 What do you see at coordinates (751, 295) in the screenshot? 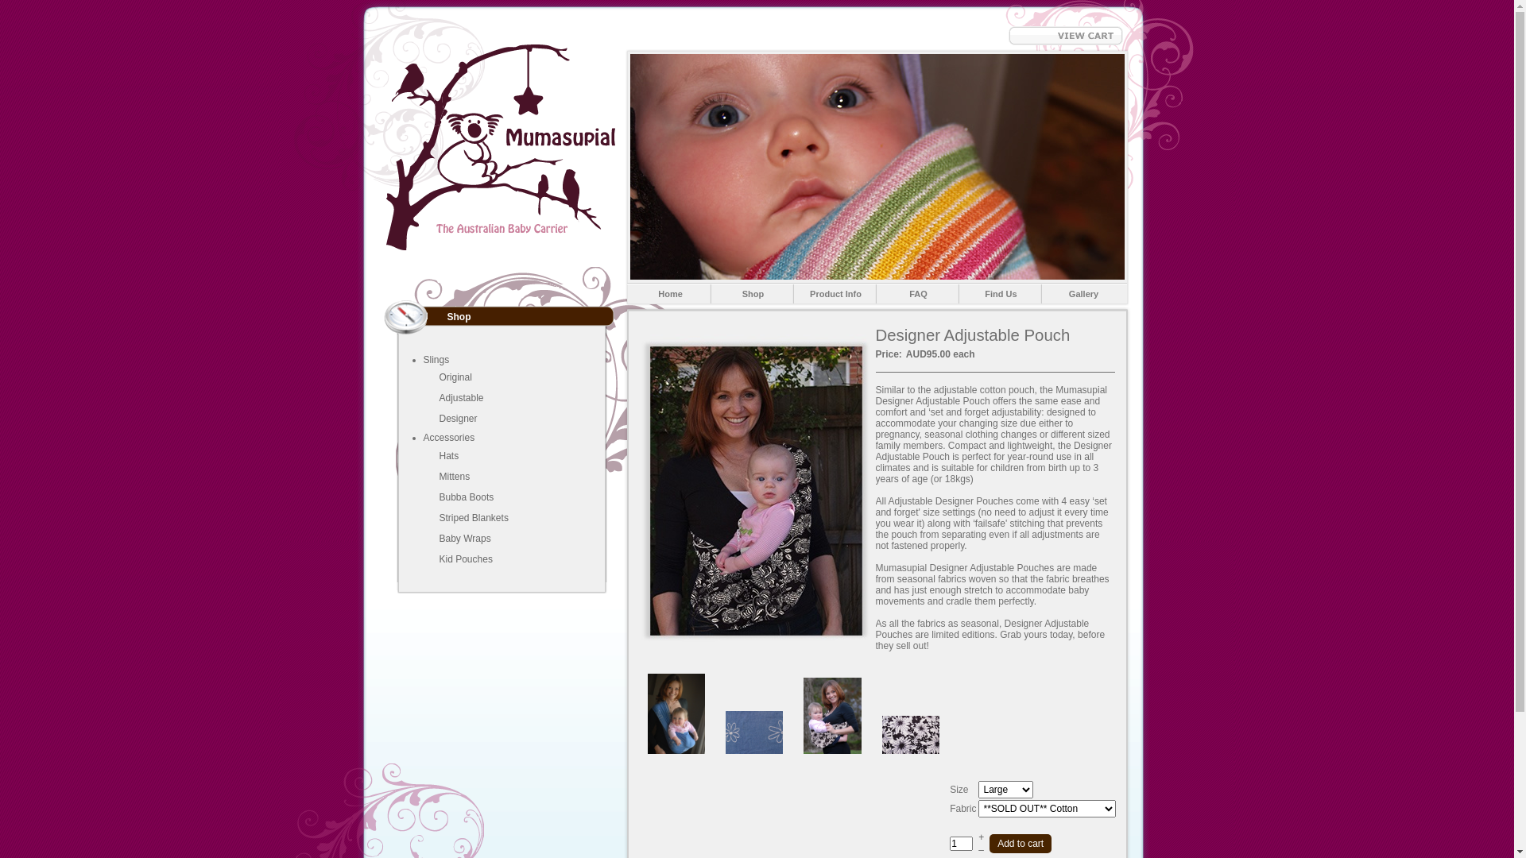
I see `'Shop'` at bounding box center [751, 295].